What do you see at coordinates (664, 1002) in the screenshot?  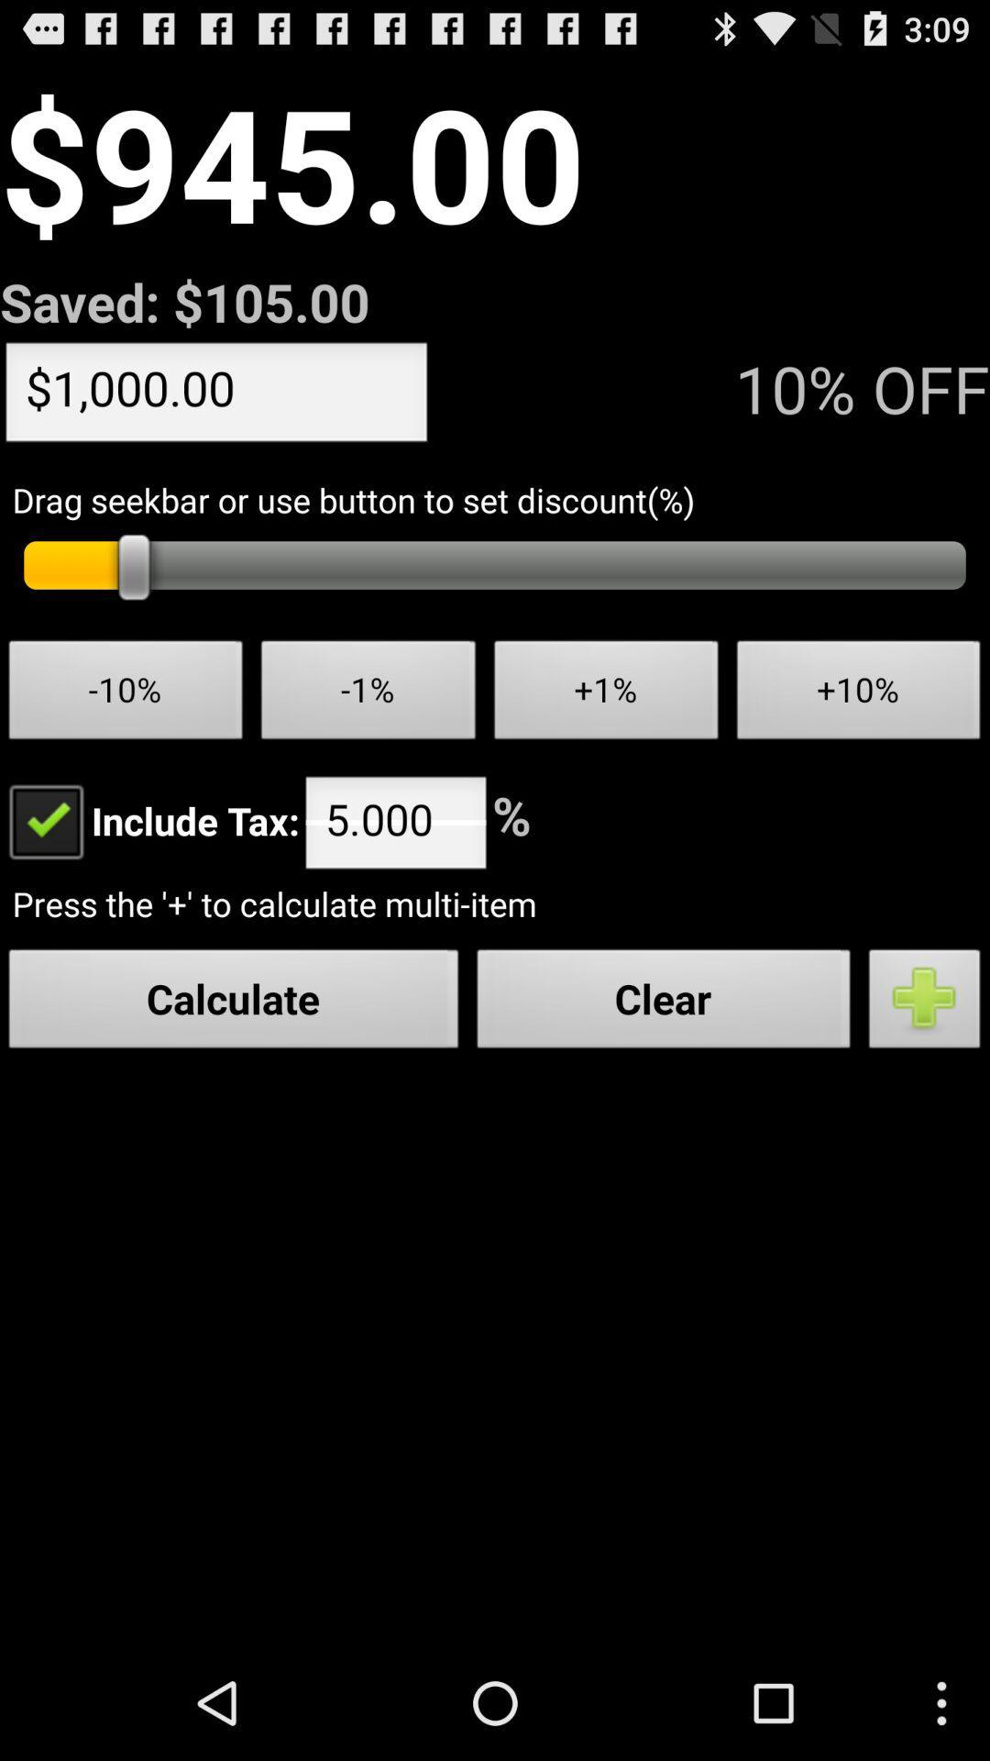 I see `app below the press the to icon` at bounding box center [664, 1002].